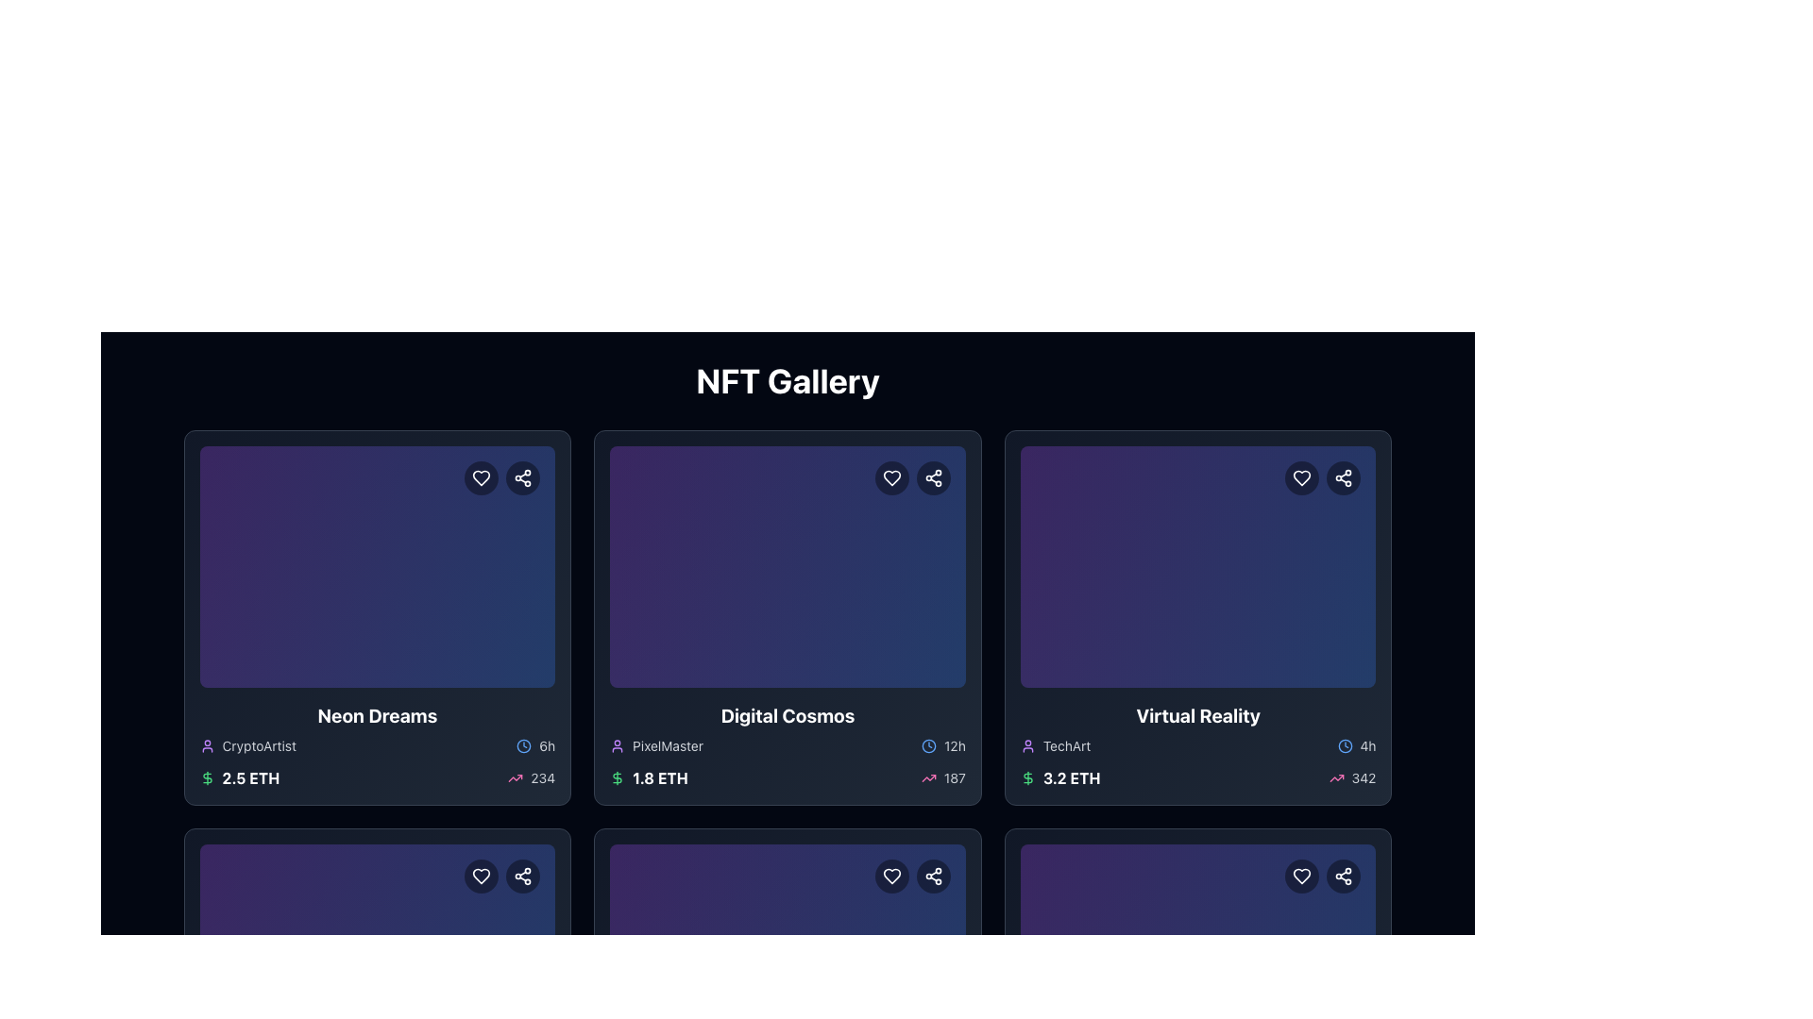 This screenshot has width=1813, height=1019. I want to click on the 'Share' button located in the top-right corner of the card, so click(933, 877).